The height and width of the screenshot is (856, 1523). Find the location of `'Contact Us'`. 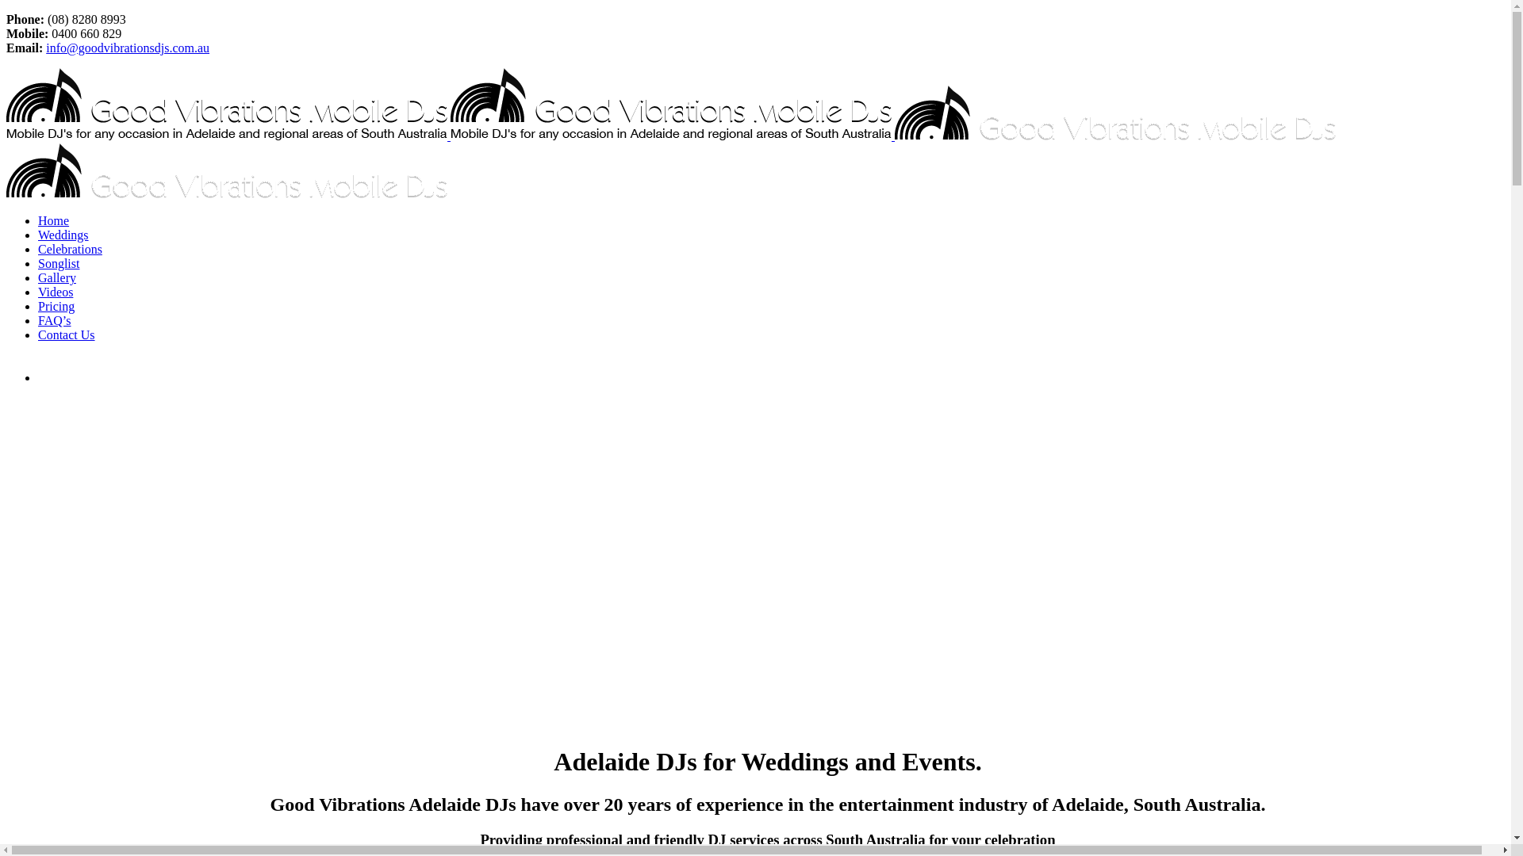

'Contact Us' is located at coordinates (65, 334).